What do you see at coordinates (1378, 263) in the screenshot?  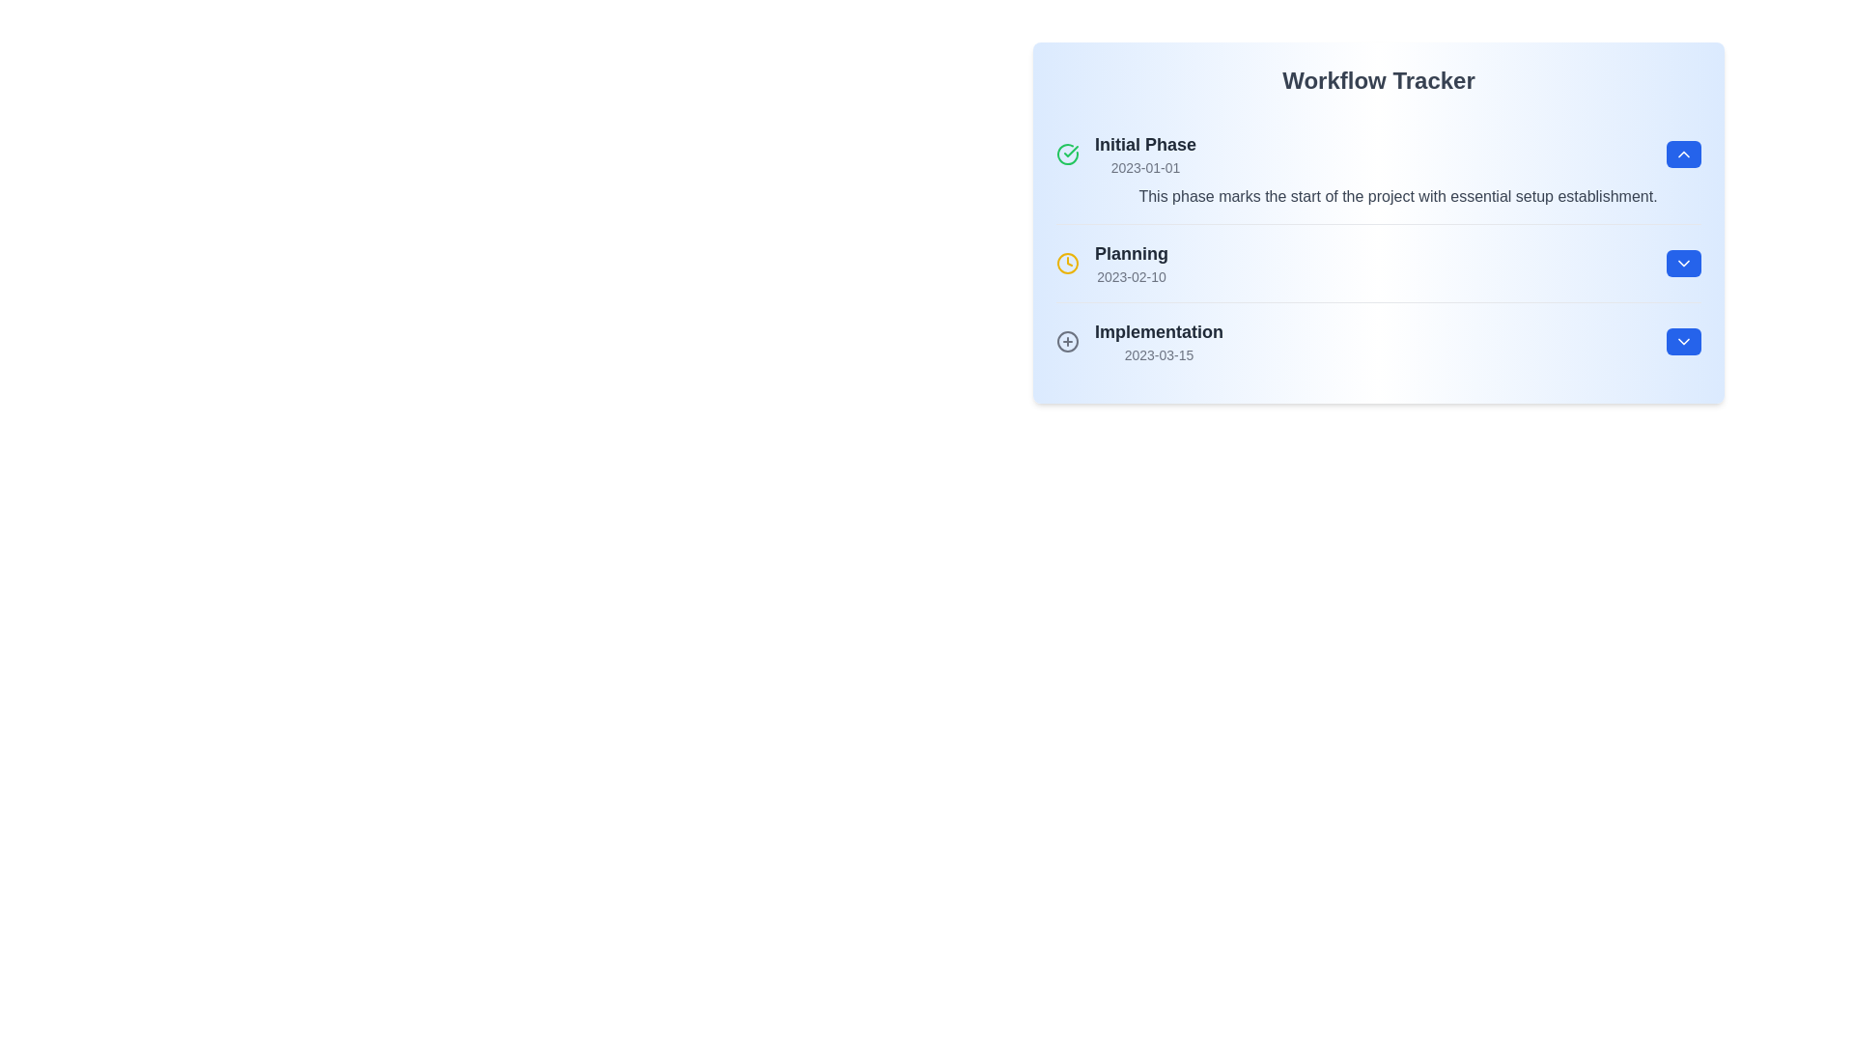 I see `information displayed for the 'Planning' phase in the workflow tracker, which is the second item in the list between 'Initial Phase' and 'Implementation'` at bounding box center [1378, 263].